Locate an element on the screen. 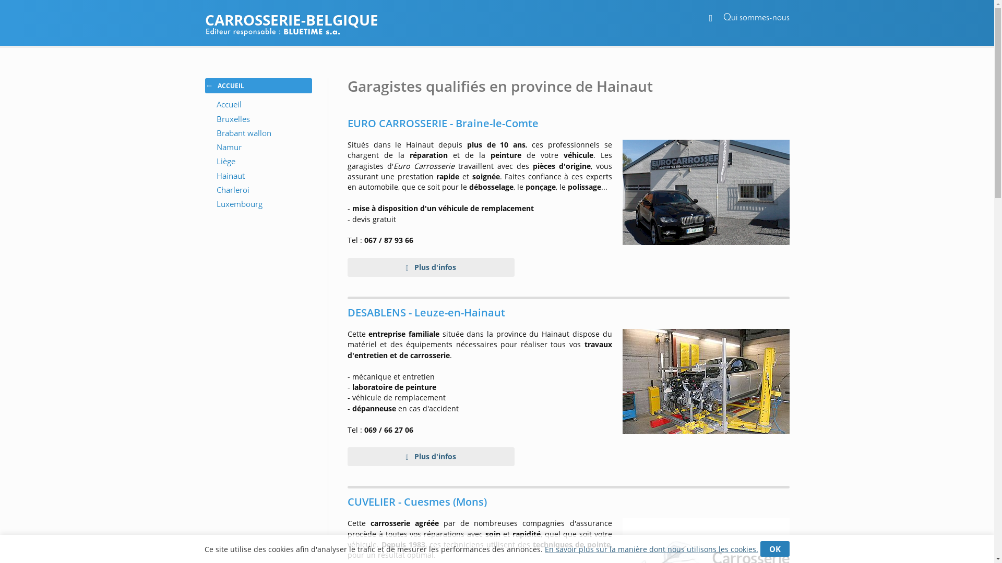 Image resolution: width=1002 pixels, height=563 pixels. 'Plus d'infos' is located at coordinates (431, 267).